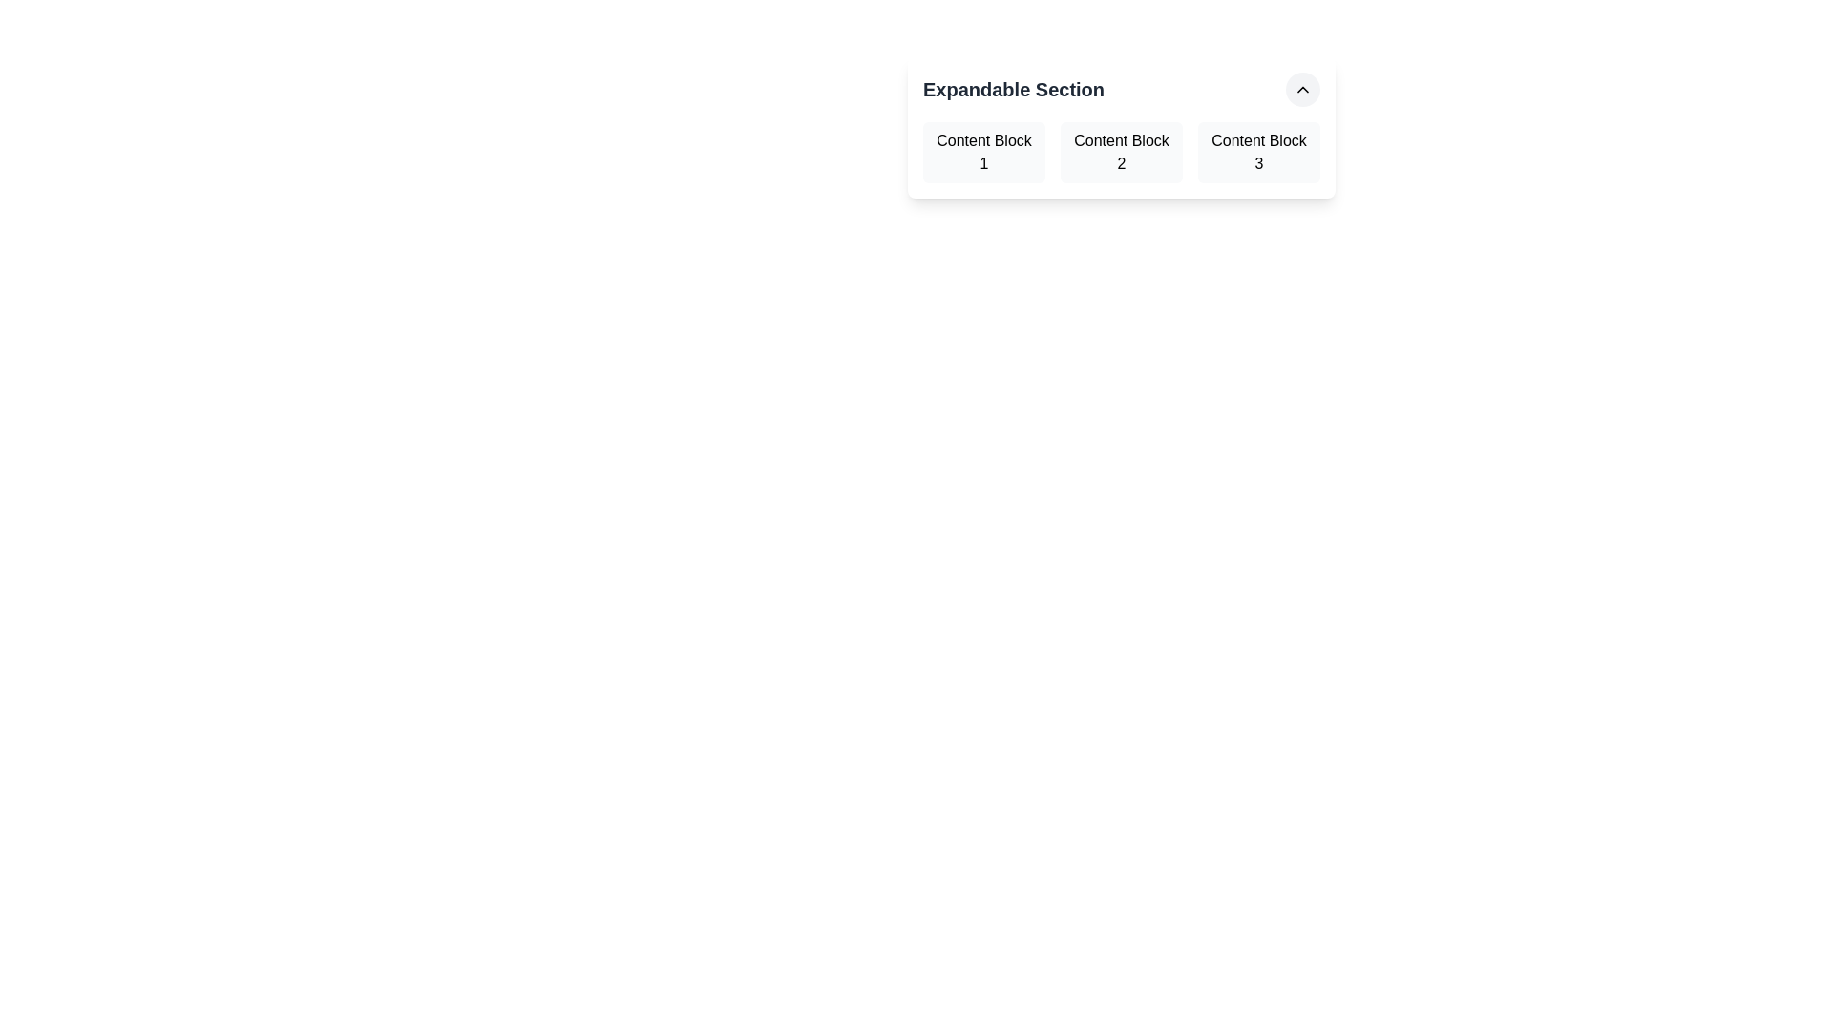  What do you see at coordinates (984, 151) in the screenshot?
I see `the leftmost Static content block within the 'Expandable Section' that serves as a content display box` at bounding box center [984, 151].